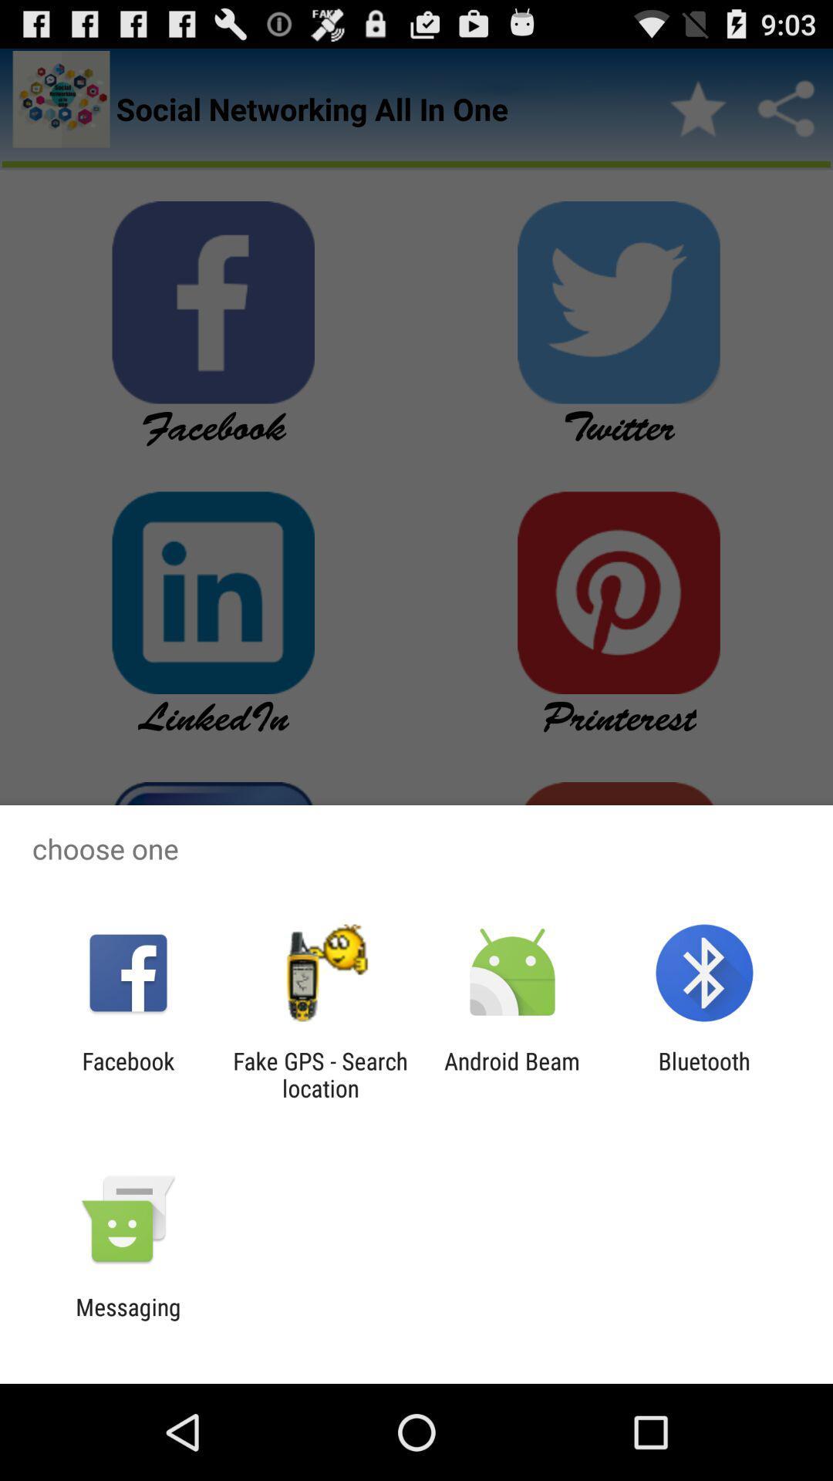 The image size is (833, 1481). I want to click on app next to the bluetooth icon, so click(512, 1074).